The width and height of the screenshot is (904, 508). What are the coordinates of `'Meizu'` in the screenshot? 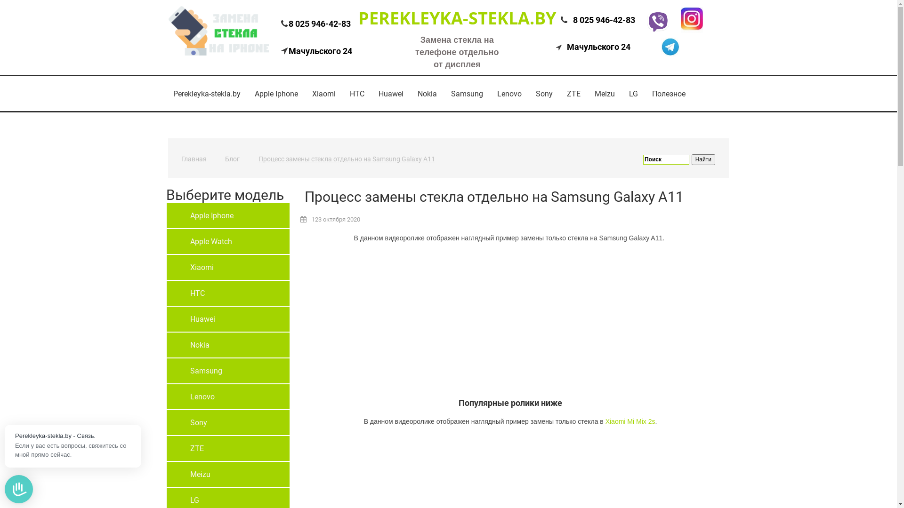 It's located at (587, 94).